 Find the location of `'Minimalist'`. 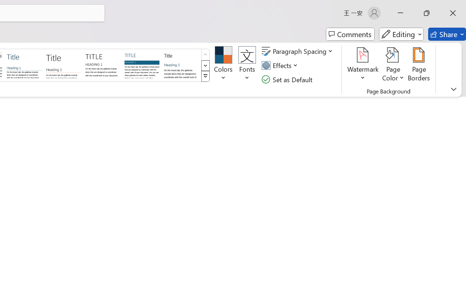

'Minimalist' is located at coordinates (102, 64).